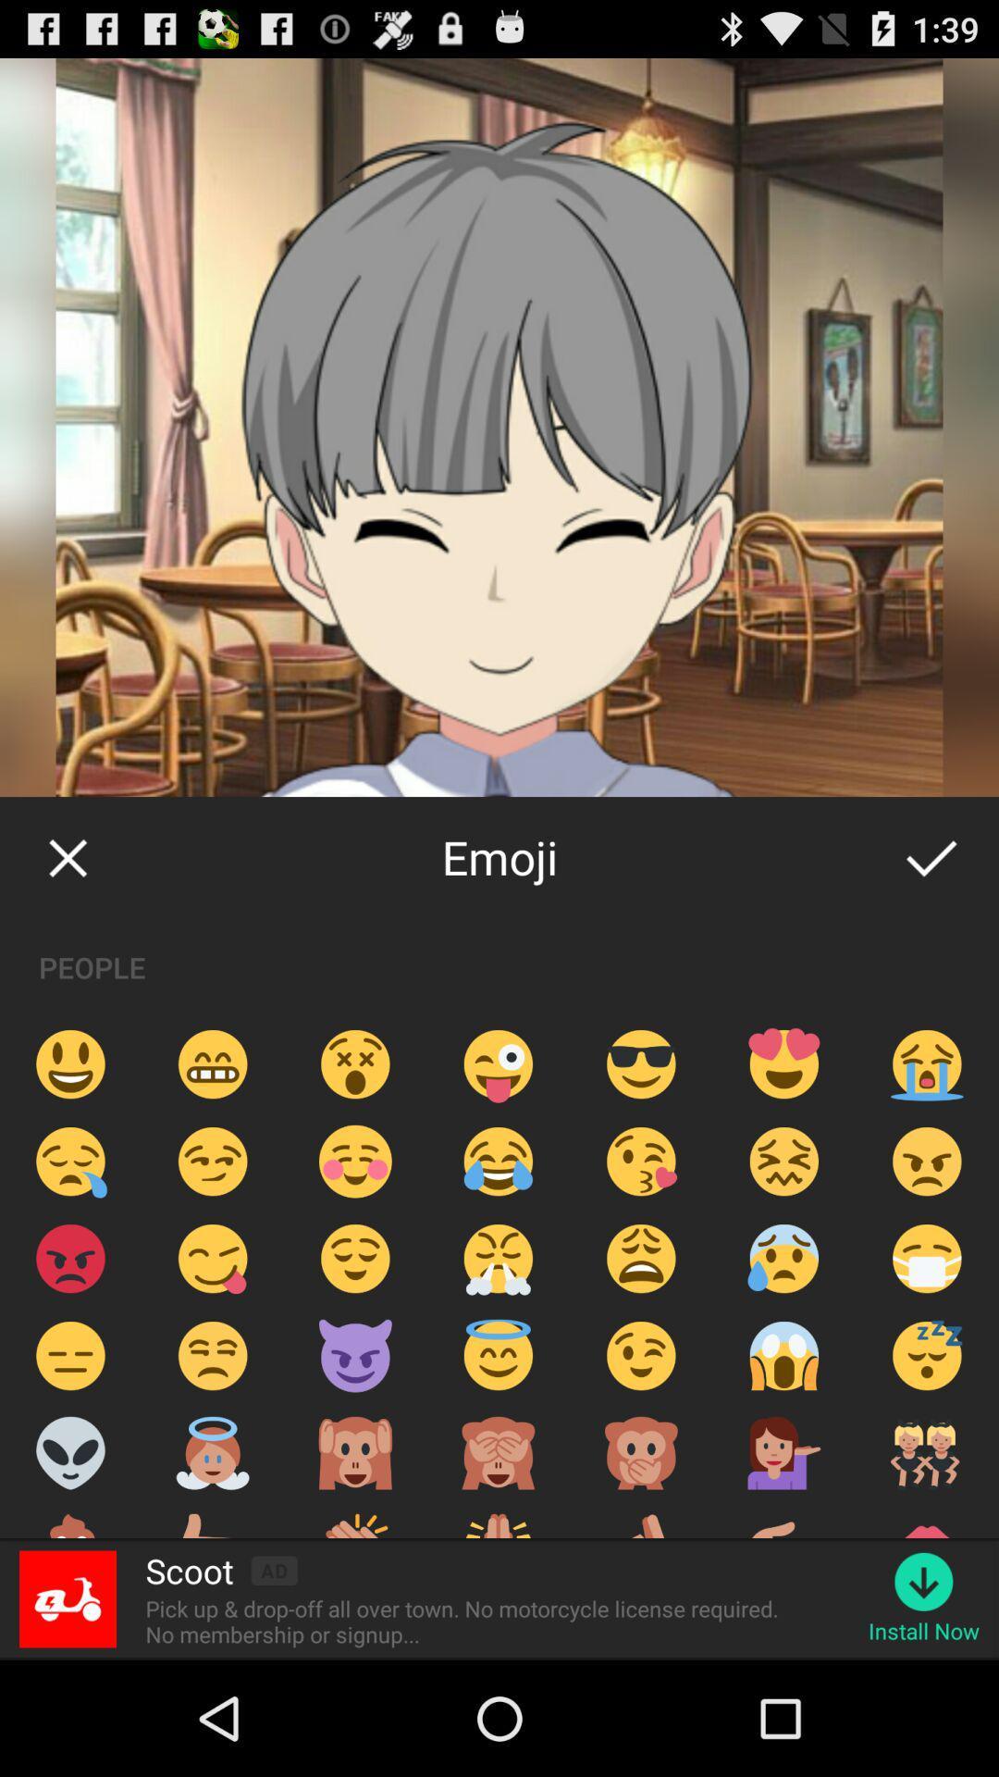  What do you see at coordinates (931, 856) in the screenshot?
I see `item next to the emoji` at bounding box center [931, 856].